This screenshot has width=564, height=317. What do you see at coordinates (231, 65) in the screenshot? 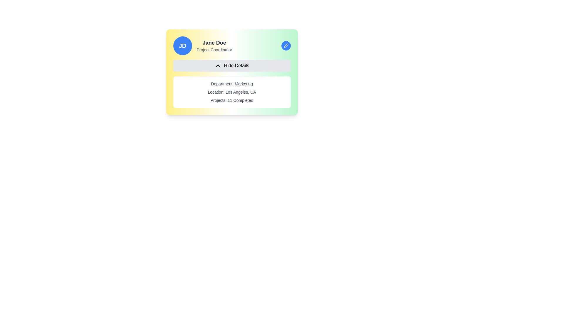
I see `the Toggle Button labeled 'Hide Details' with an upward-pointing chevron icon, located below 'Jane Doe, Project Coordinator' to experience hover effects` at bounding box center [231, 65].